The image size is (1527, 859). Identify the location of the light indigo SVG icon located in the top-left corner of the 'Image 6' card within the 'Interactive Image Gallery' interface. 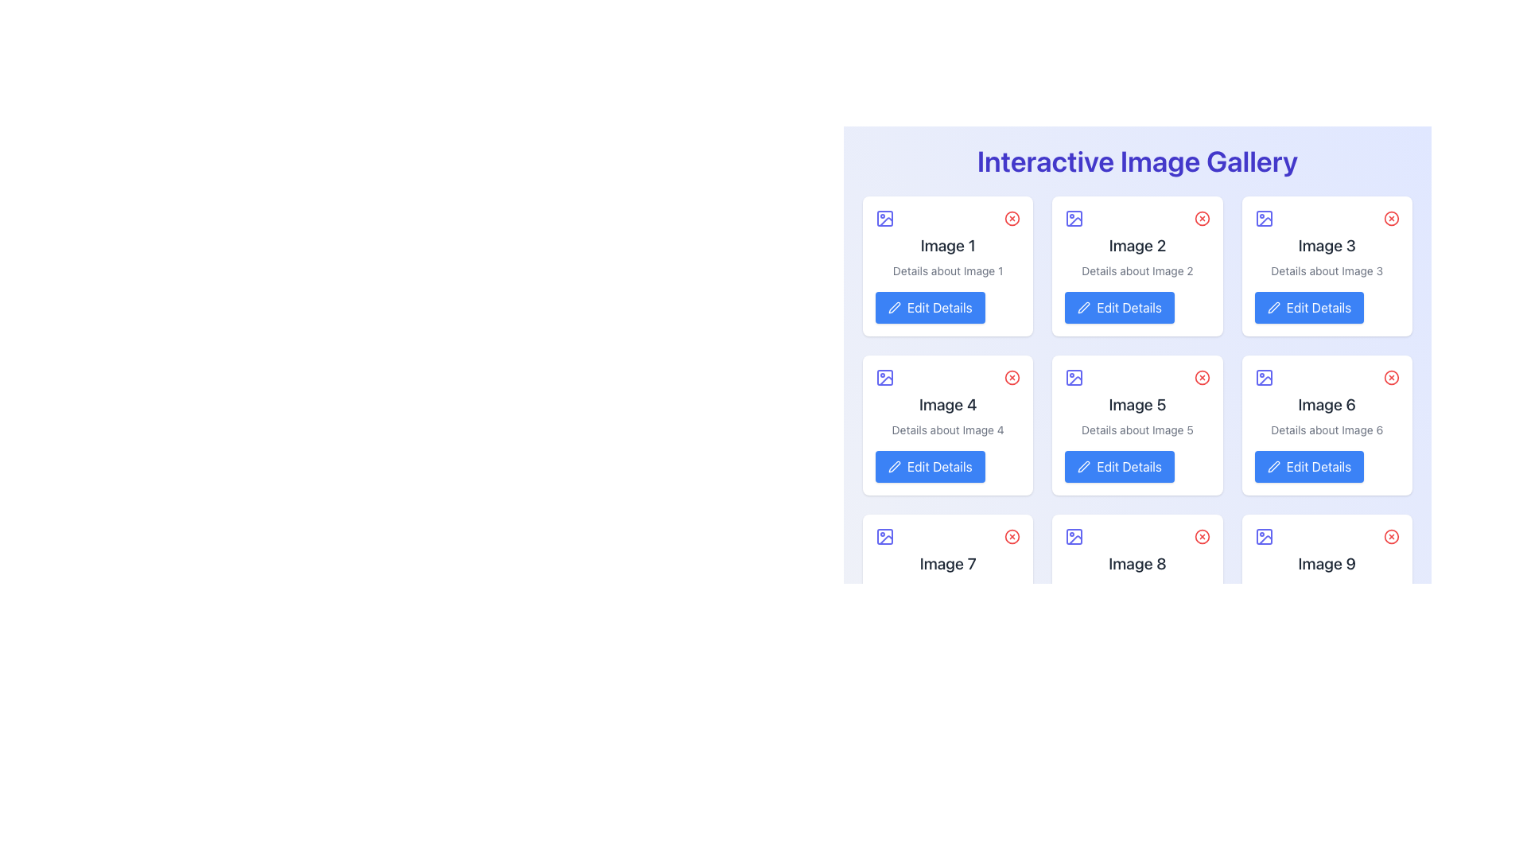
(1263, 377).